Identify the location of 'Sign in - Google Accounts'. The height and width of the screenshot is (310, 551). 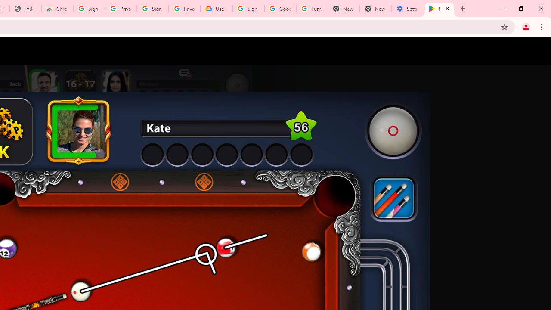
(89, 9).